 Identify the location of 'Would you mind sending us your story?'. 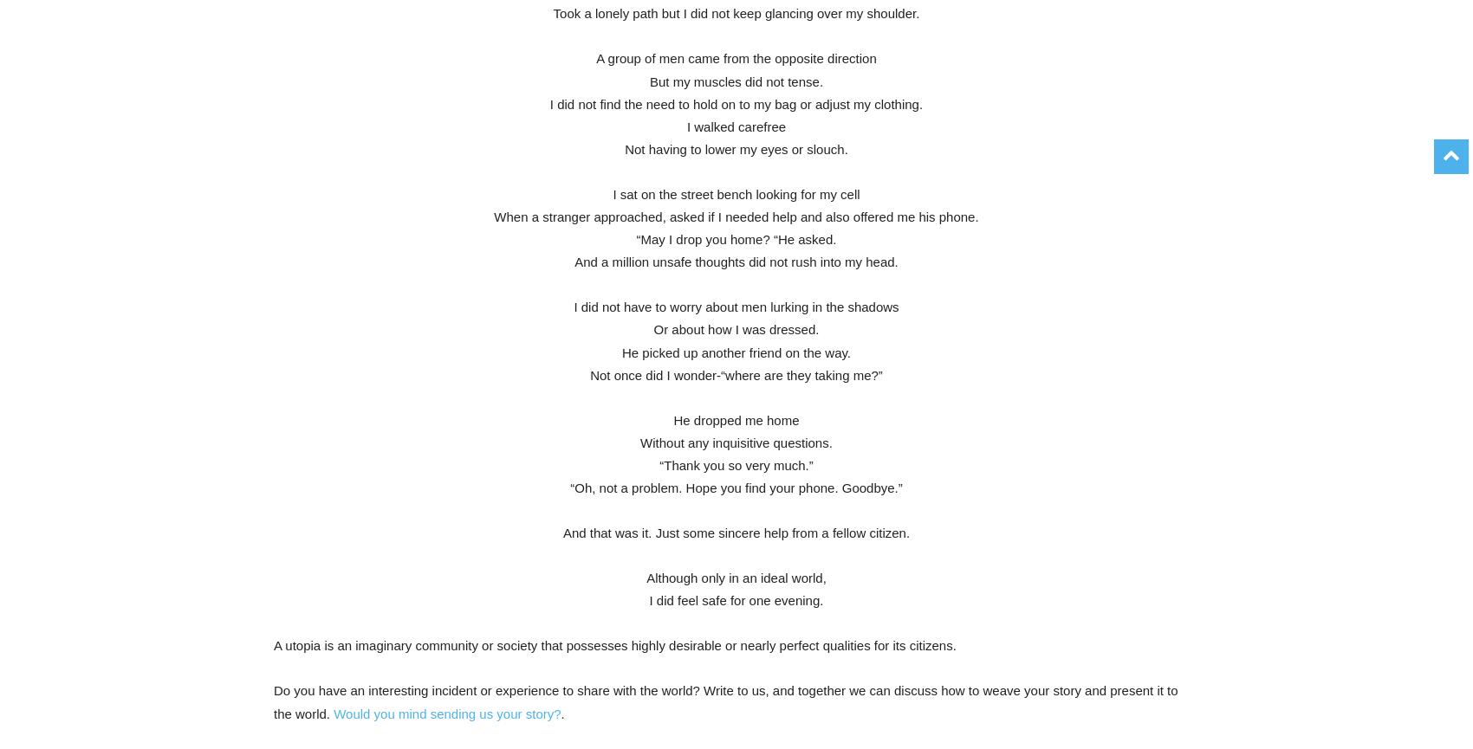
(446, 712).